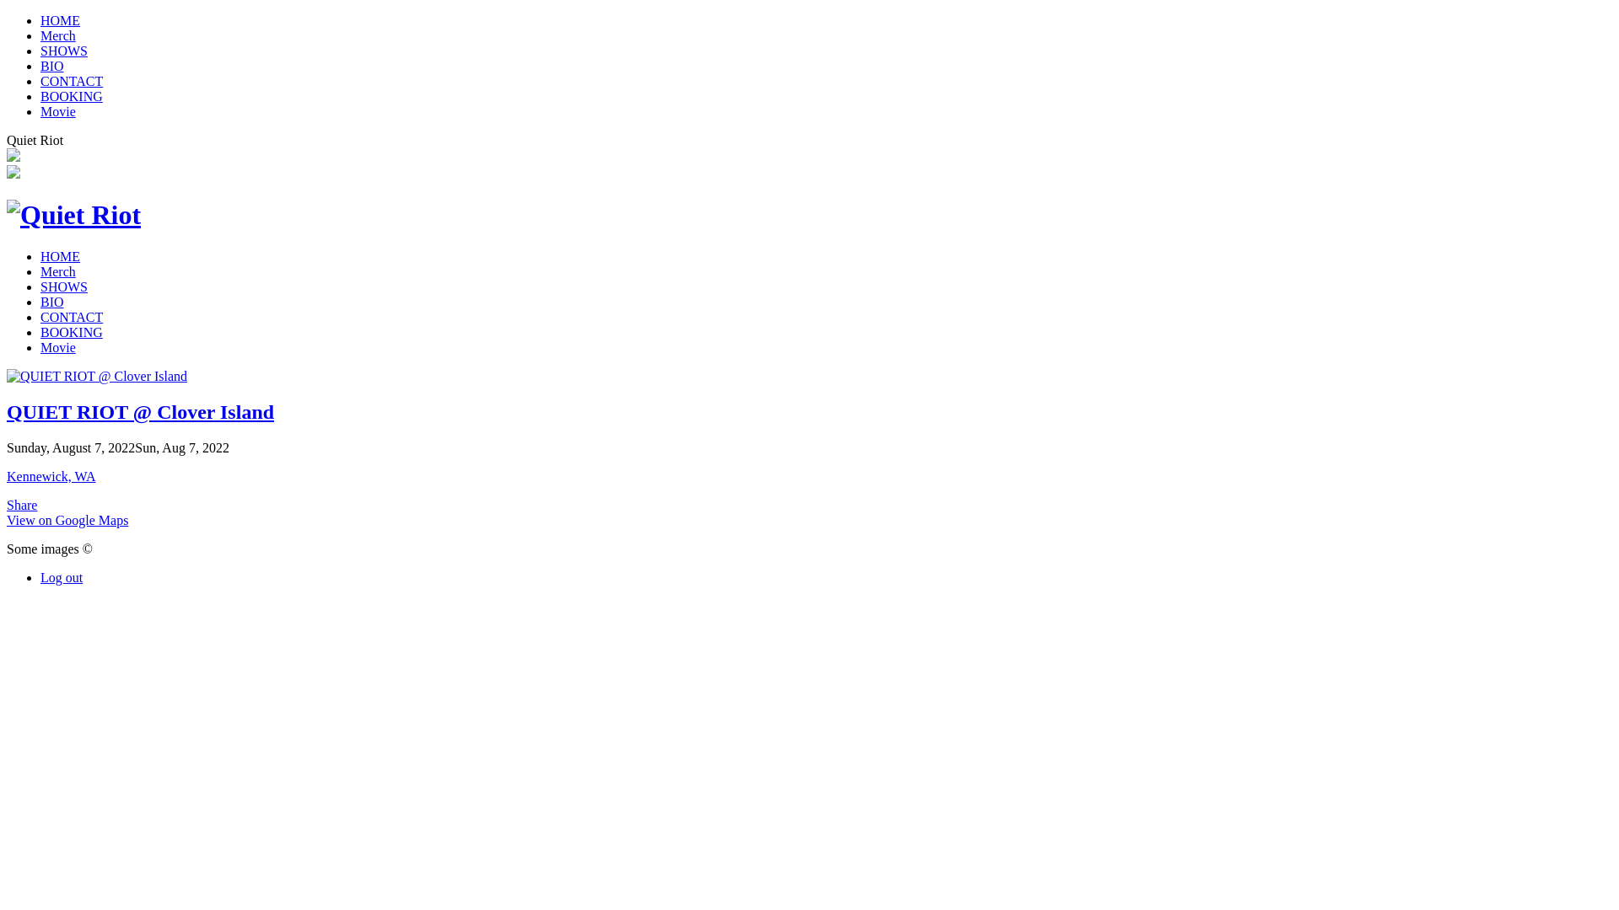 The image size is (1619, 910). I want to click on 'SHOWS', so click(64, 50).